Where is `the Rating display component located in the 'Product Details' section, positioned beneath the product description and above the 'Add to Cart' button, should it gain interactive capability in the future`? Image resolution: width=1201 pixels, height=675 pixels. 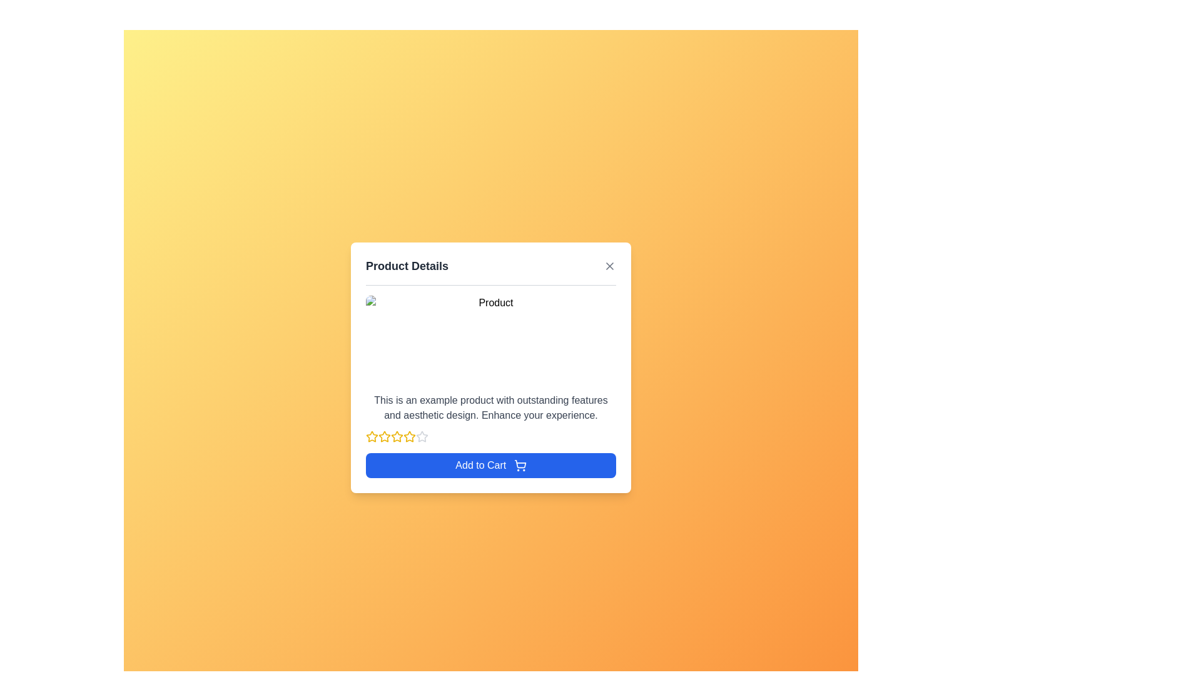
the Rating display component located in the 'Product Details' section, positioned beneath the product description and above the 'Add to Cart' button, should it gain interactive capability in the future is located at coordinates (490, 436).